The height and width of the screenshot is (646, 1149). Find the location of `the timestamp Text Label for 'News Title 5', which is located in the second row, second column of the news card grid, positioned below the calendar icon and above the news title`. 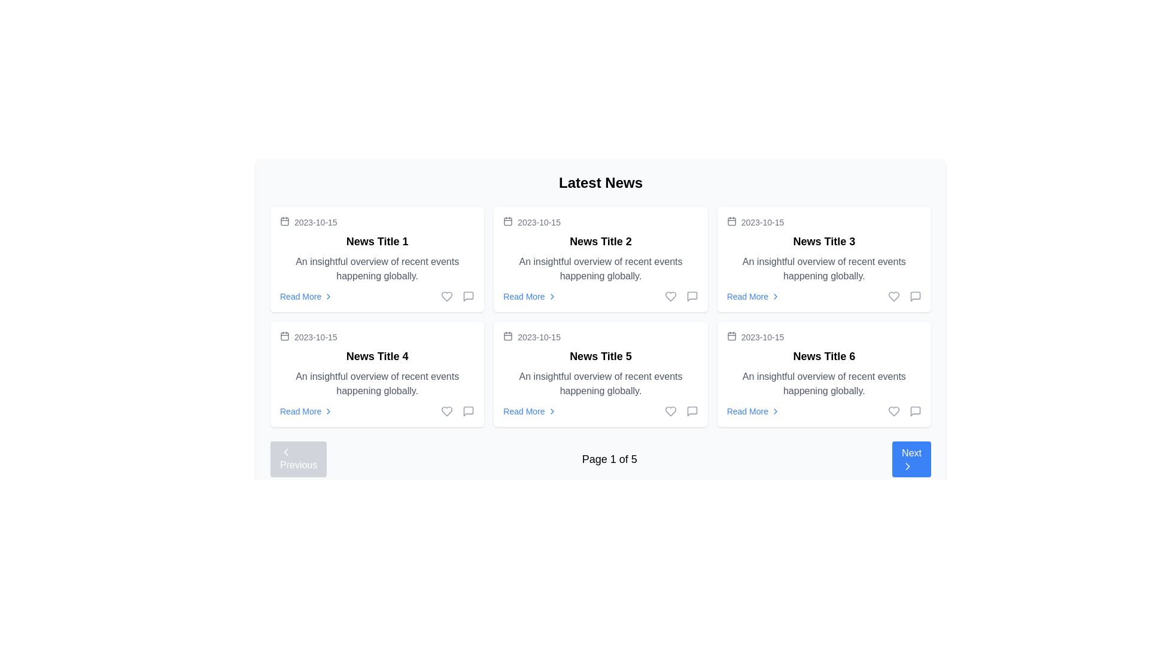

the timestamp Text Label for 'News Title 5', which is located in the second row, second column of the news card grid, positioned below the calendar icon and above the news title is located at coordinates (539, 337).